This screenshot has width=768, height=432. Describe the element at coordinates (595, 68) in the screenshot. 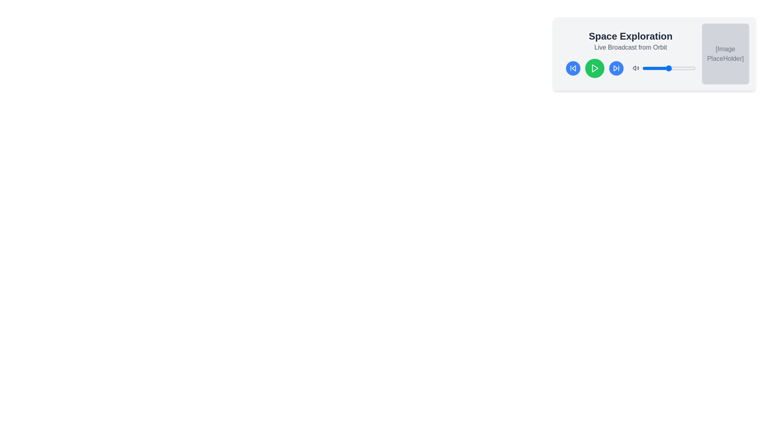

I see `the play button, which is the third interactive button from the left in the row of controls` at that location.